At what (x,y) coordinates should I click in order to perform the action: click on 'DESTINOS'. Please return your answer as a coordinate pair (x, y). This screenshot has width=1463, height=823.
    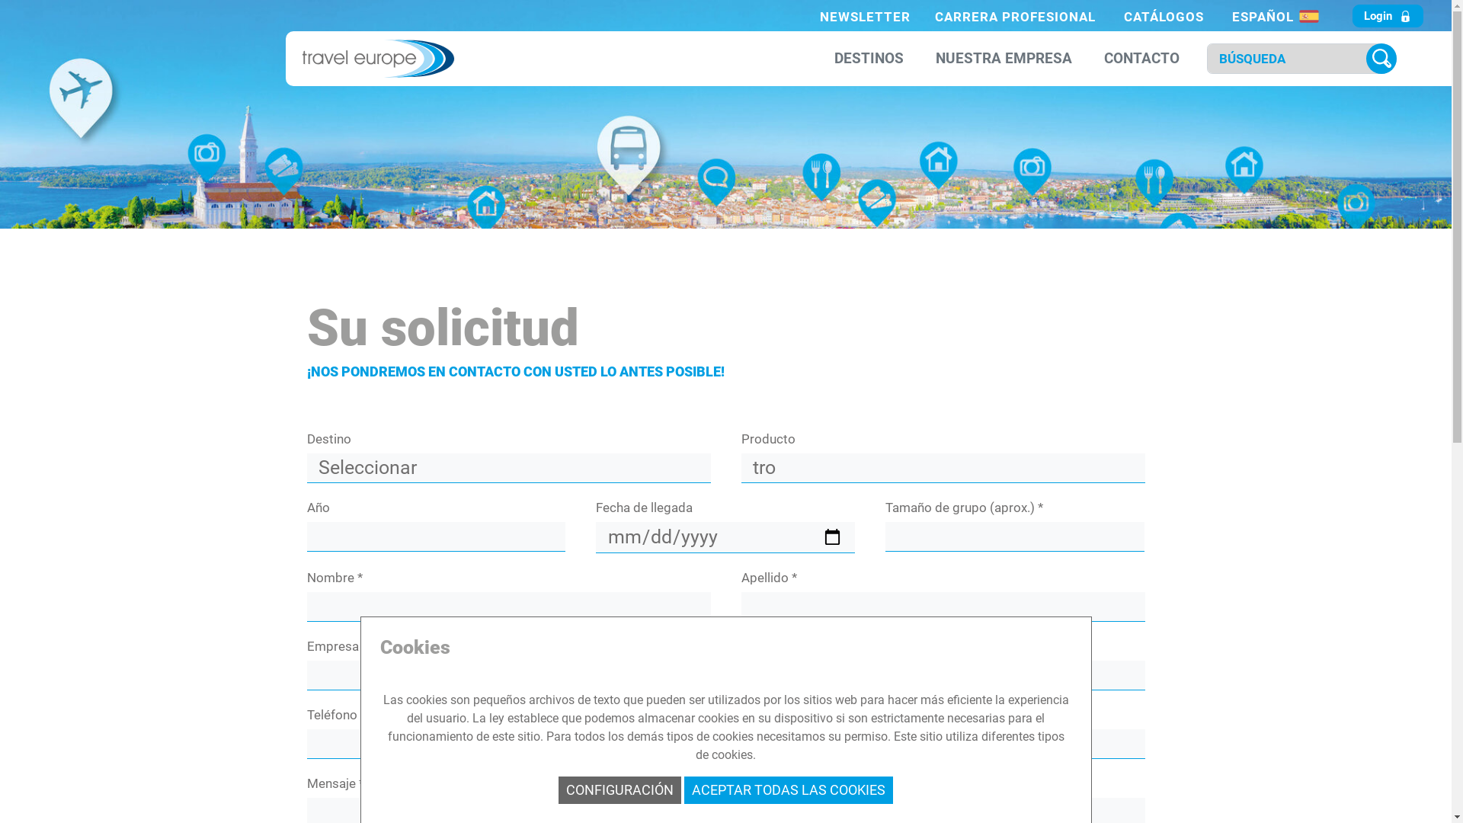
    Looking at the image, I should click on (829, 58).